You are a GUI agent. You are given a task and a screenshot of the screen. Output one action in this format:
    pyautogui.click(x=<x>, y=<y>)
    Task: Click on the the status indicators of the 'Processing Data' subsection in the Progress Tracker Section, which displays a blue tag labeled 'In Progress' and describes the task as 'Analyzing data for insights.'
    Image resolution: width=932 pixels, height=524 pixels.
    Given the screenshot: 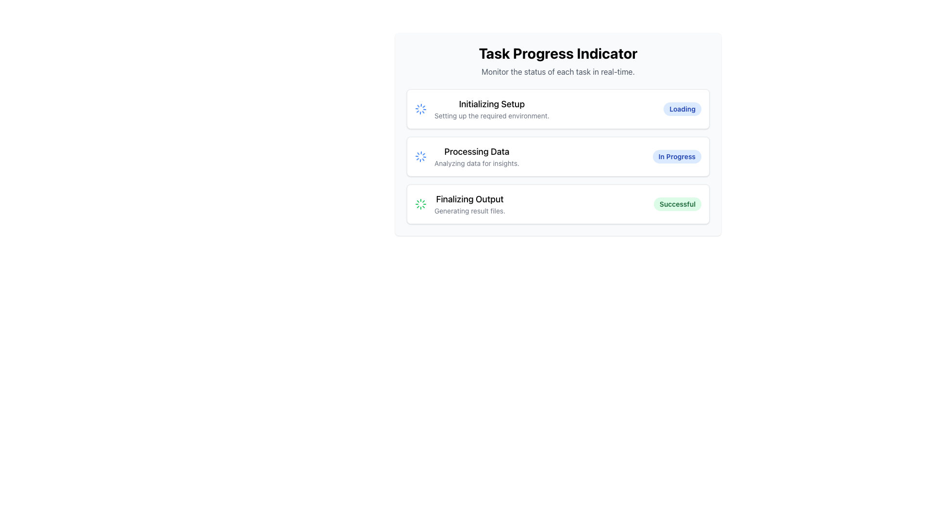 What is the action you would take?
    pyautogui.click(x=558, y=156)
    